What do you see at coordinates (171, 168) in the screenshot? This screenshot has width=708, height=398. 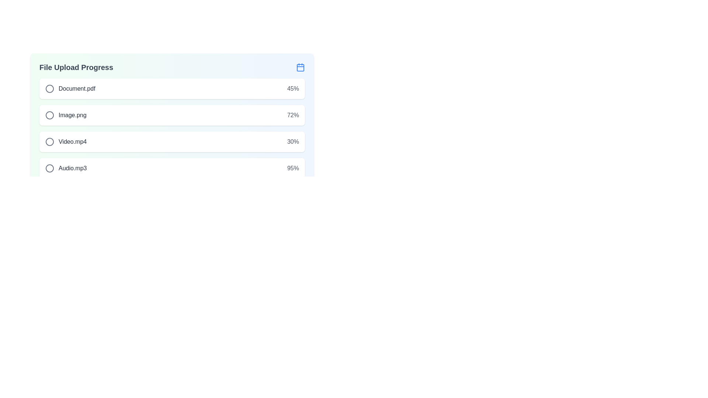 I see `the progress bar item displaying 'Audio.mp3' with a progress of '95%', located as the fourth item in a vertical list of file progress bars` at bounding box center [171, 168].